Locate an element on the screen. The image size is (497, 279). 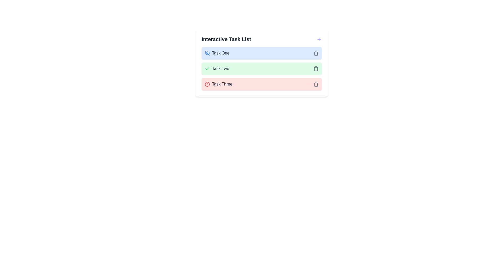
the visibility icon located to the left of the label text for 'Task One' is located at coordinates (207, 53).